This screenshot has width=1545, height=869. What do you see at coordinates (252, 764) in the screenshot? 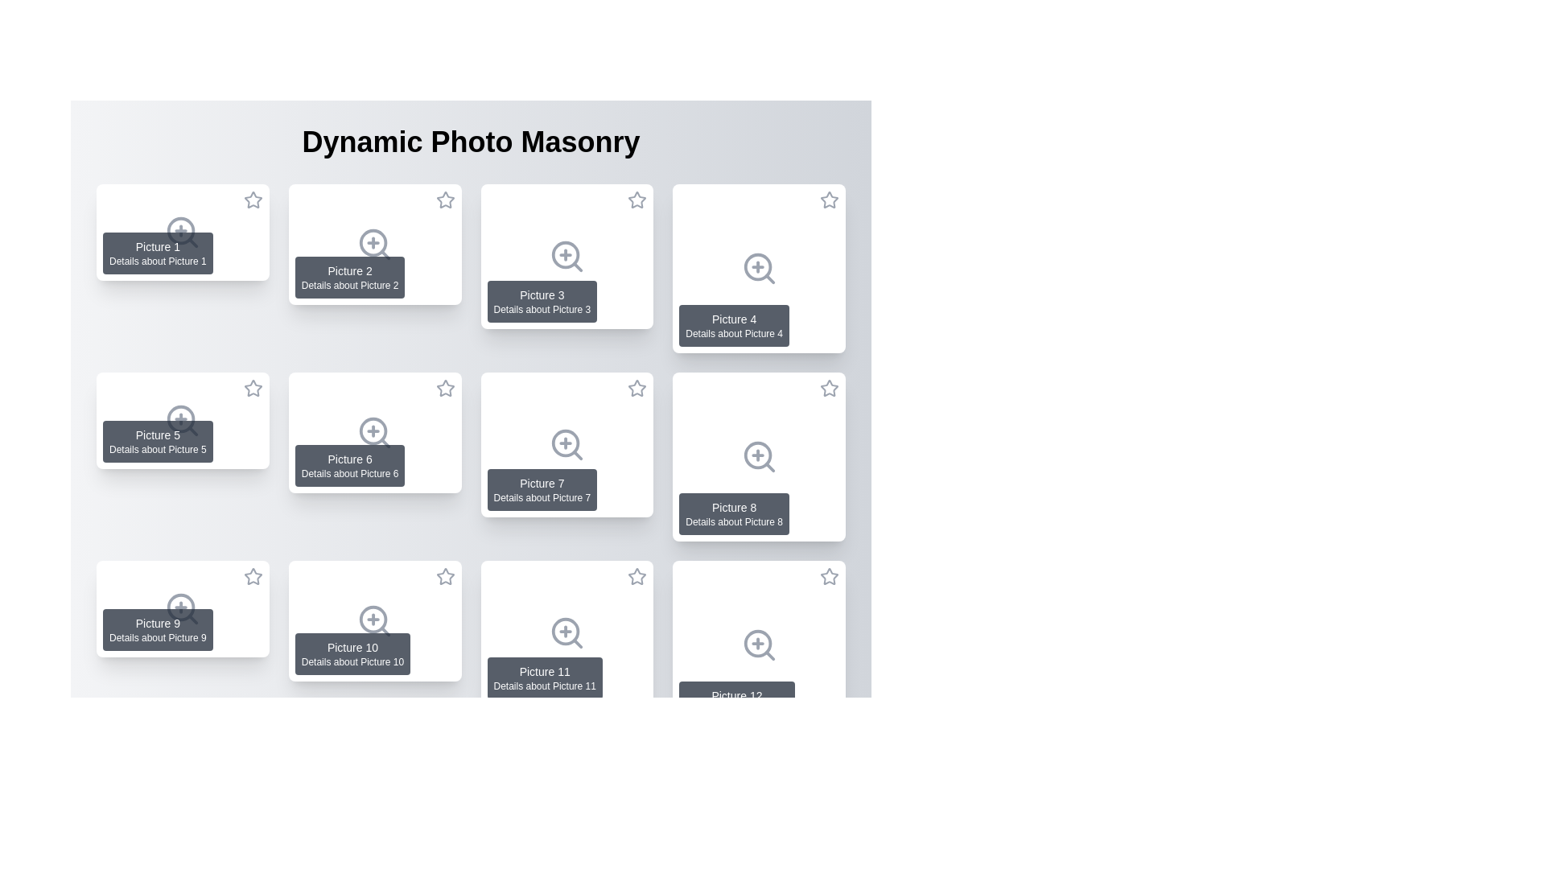
I see `the star-shaped gray button located in the top-right corner of the image labeled 'Picture 9'` at bounding box center [252, 764].